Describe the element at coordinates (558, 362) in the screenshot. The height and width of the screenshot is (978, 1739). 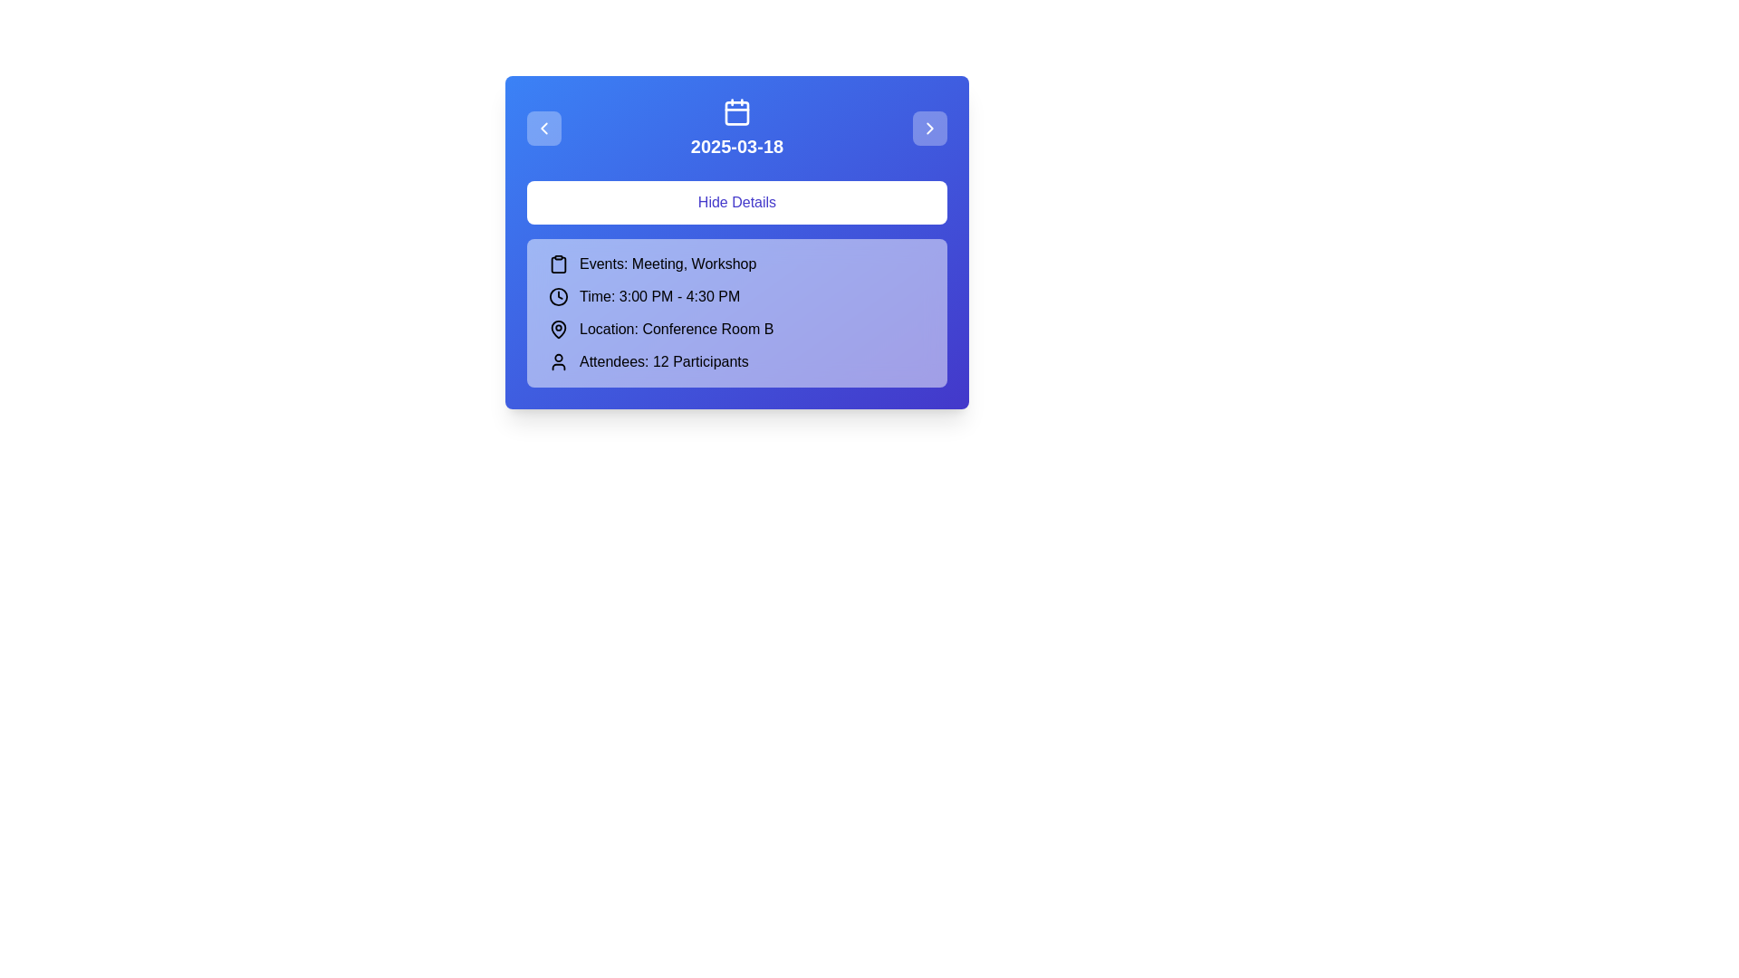
I see `the user silhouette icon located to the left of the text 'Attendees: 12 Participants'` at that location.